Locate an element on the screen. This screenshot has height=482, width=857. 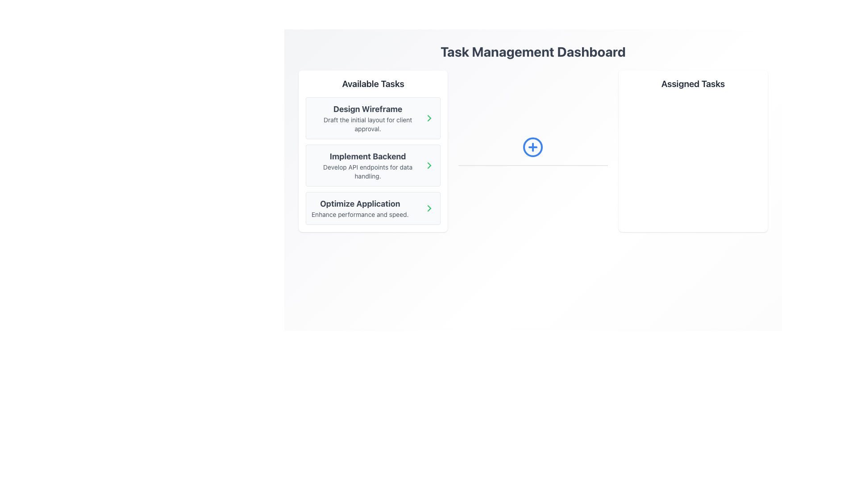
the informational text located beneath 'Optimize Application' in the last task card of the 'Available Tasks' section is located at coordinates (360, 215).